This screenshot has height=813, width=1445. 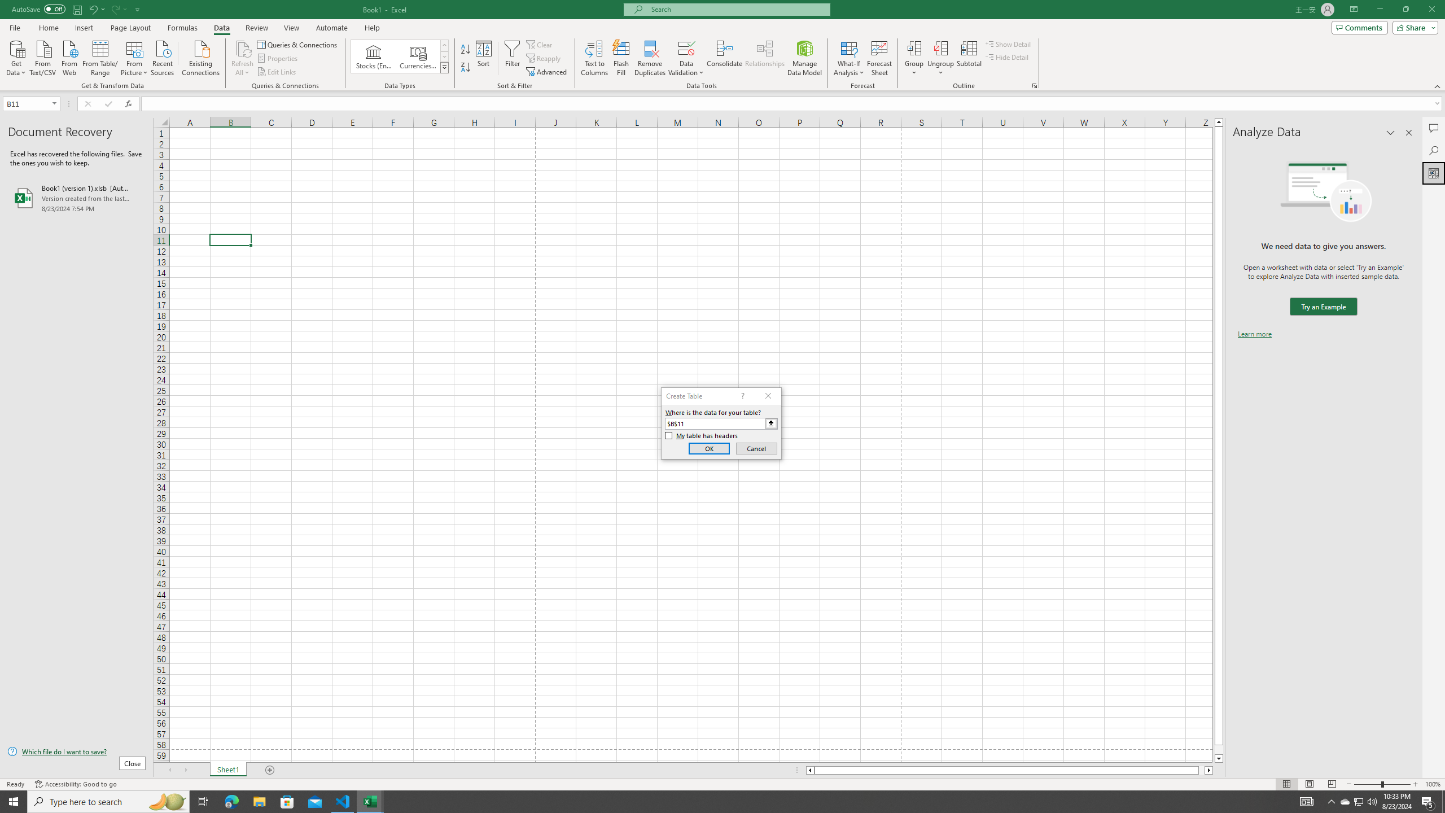 I want to click on 'Hide Detail', so click(x=1007, y=56).